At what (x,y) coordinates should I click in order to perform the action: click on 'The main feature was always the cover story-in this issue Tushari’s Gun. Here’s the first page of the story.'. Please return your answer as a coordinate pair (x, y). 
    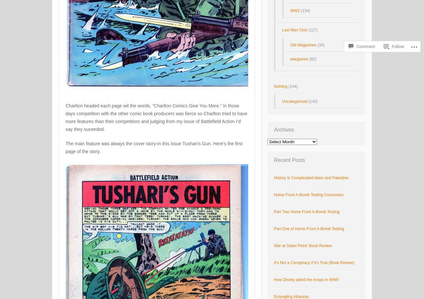
    Looking at the image, I should click on (154, 147).